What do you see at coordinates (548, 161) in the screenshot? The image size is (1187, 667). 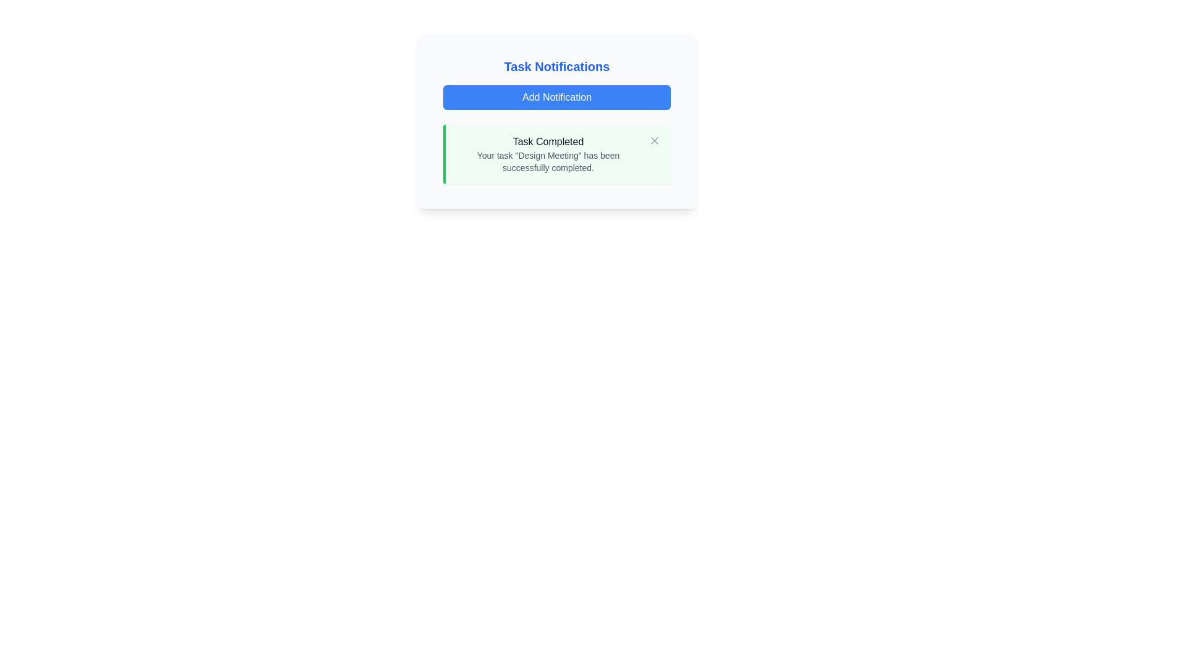 I see `the text block that says 'Your task "Design Meeting" has been successfully completed.' which is styled with a small font size and gray color, located below the heading 'Task Completed.'` at bounding box center [548, 161].